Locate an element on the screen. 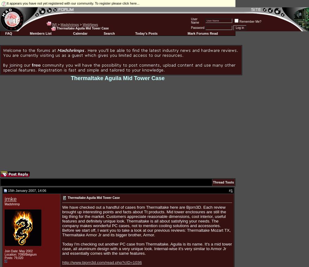 This screenshot has width=309, height=267. 'Thread Tools' is located at coordinates (223, 182).